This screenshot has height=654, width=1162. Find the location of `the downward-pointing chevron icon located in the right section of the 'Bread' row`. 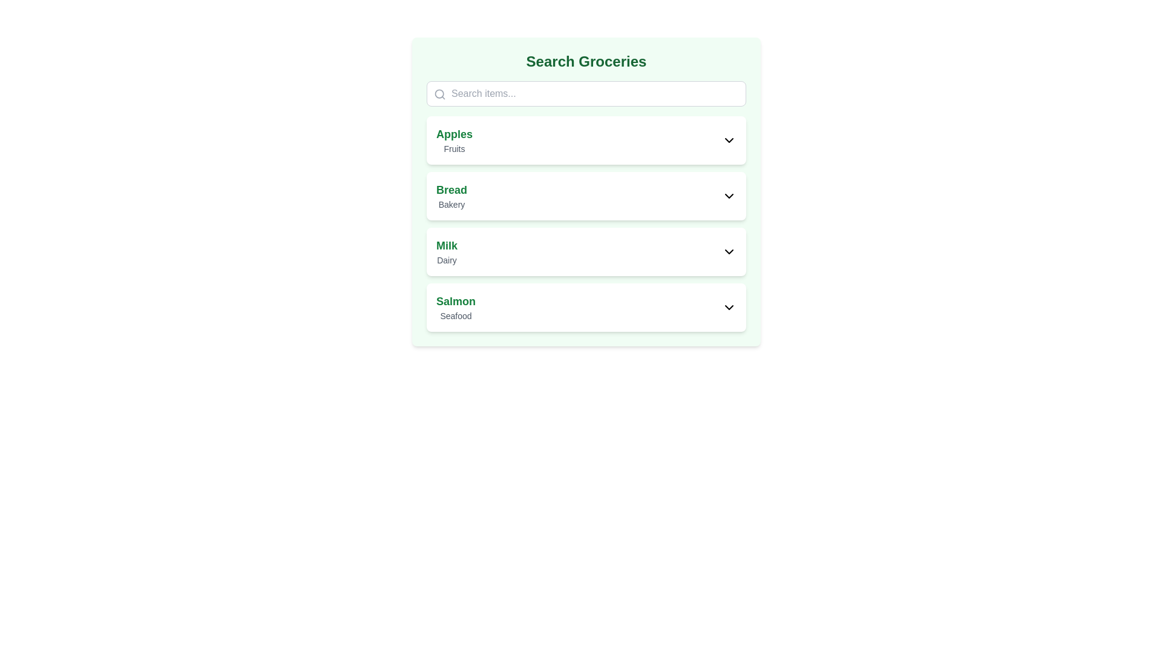

the downward-pointing chevron icon located in the right section of the 'Bread' row is located at coordinates (728, 196).